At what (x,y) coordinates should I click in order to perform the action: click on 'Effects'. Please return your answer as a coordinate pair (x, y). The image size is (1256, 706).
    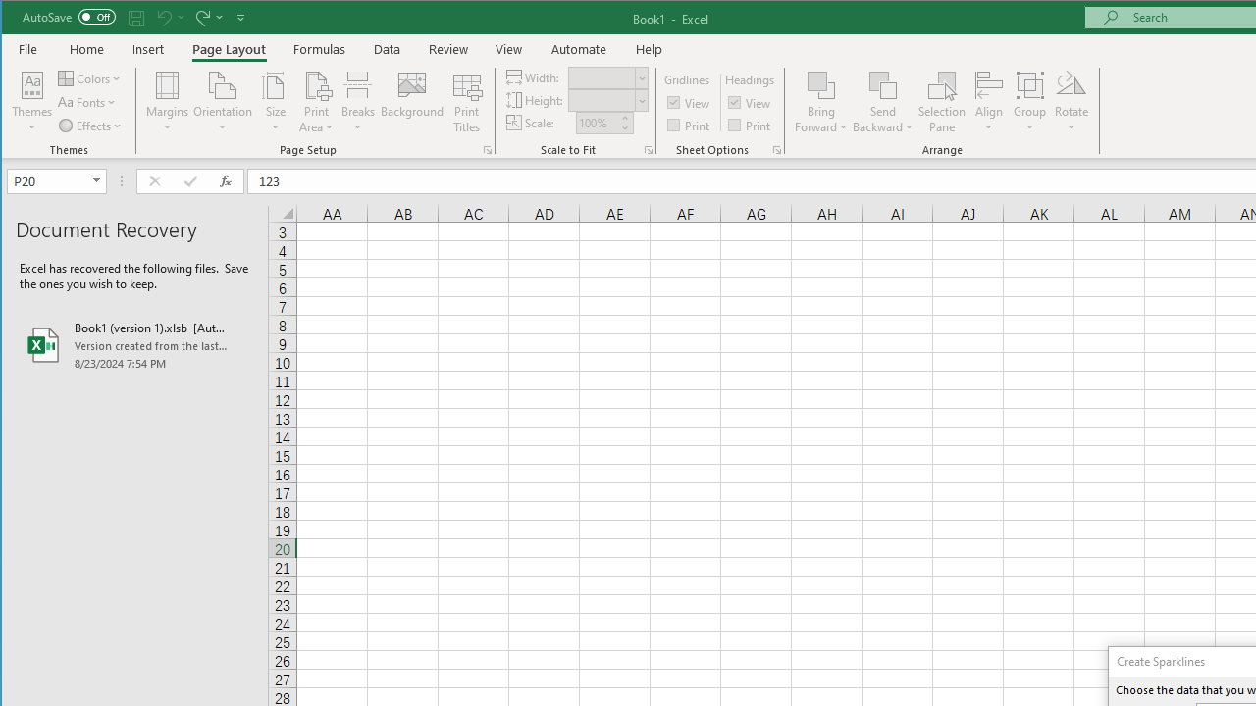
    Looking at the image, I should click on (90, 126).